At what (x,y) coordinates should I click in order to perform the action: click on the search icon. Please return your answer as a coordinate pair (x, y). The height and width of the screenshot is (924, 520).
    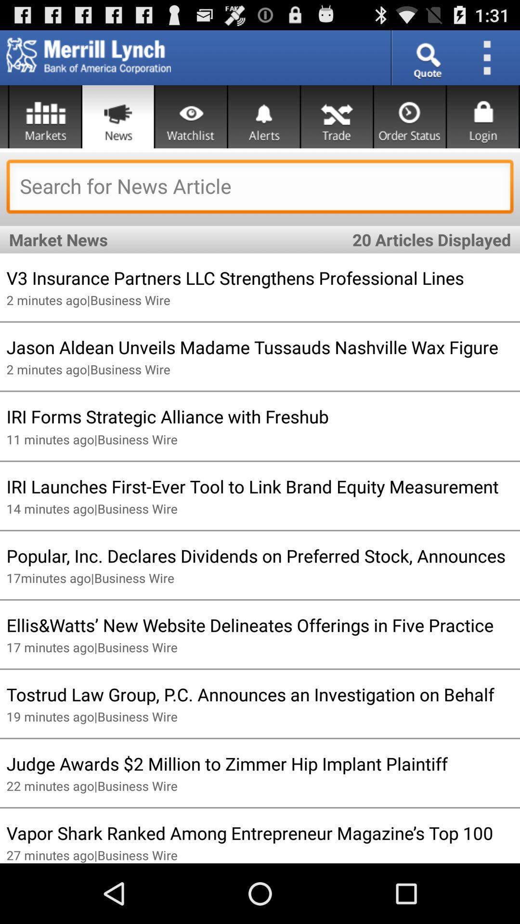
    Looking at the image, I should click on (426, 61).